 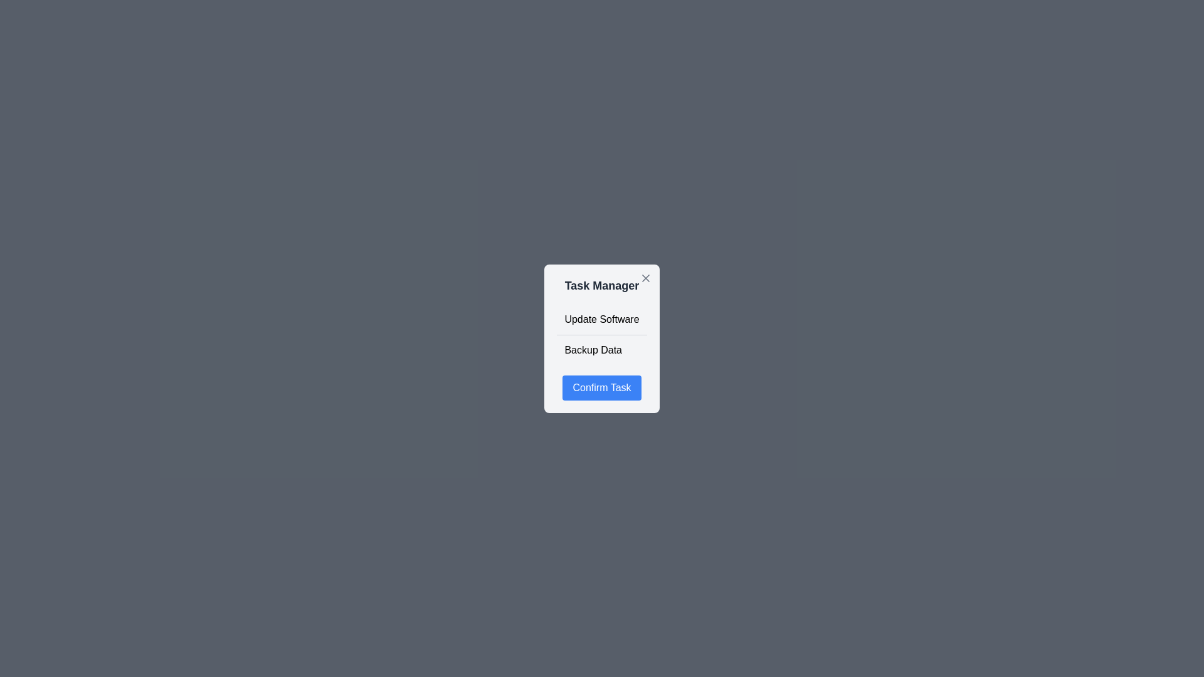 What do you see at coordinates (602, 387) in the screenshot?
I see `'Confirm Task' button to acknowledge the task` at bounding box center [602, 387].